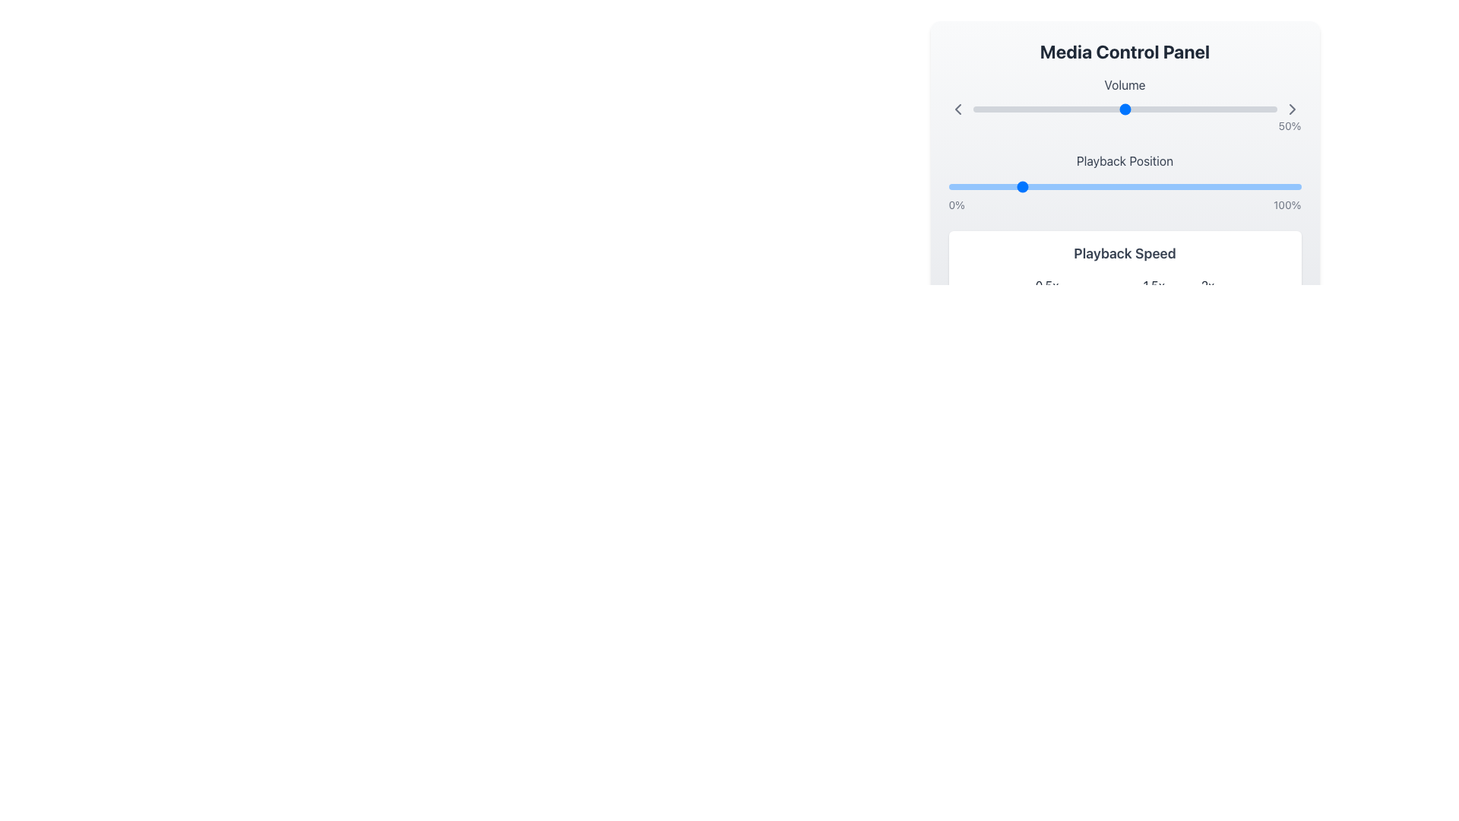 The image size is (1459, 821). Describe the element at coordinates (1154, 285) in the screenshot. I see `the playback speed button labeled '1.5x'` at that location.